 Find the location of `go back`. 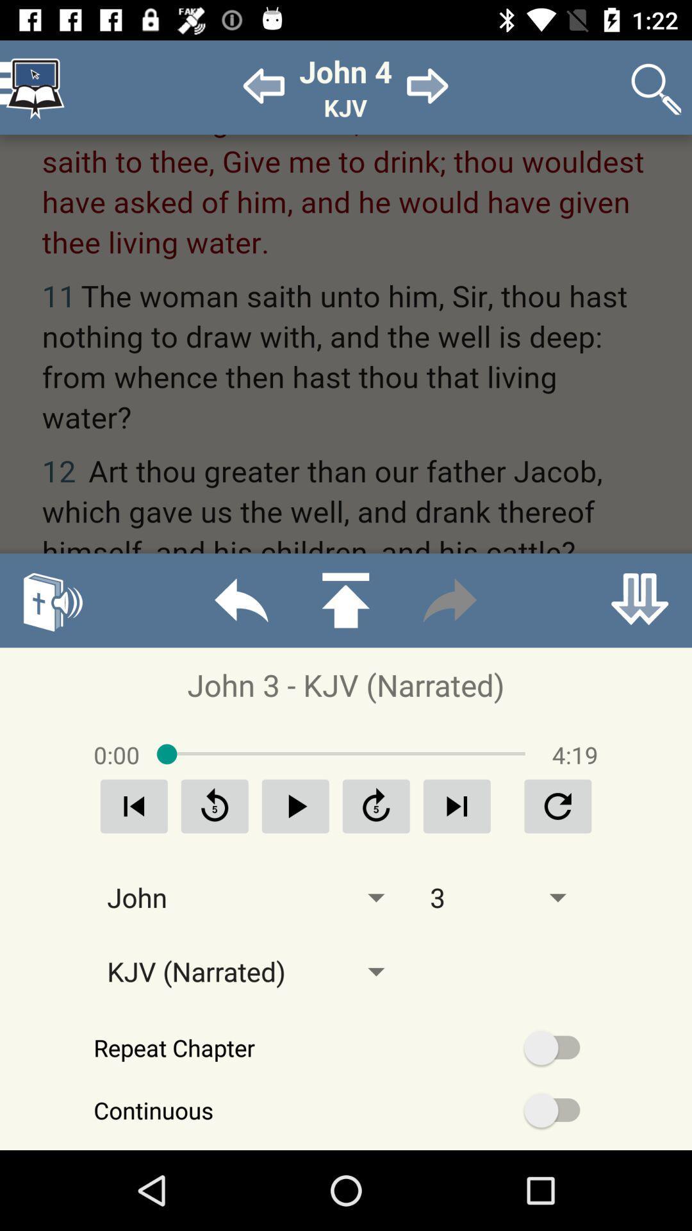

go back is located at coordinates (241, 599).